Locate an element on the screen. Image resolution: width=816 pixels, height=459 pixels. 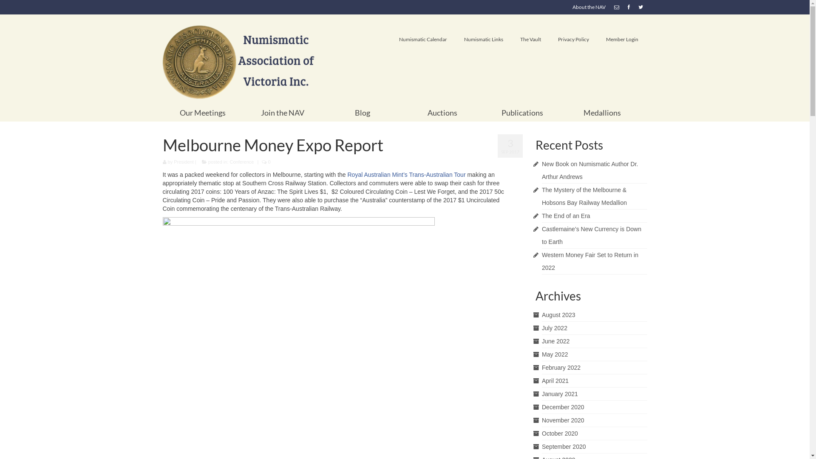
'August 2023' is located at coordinates (558, 314).